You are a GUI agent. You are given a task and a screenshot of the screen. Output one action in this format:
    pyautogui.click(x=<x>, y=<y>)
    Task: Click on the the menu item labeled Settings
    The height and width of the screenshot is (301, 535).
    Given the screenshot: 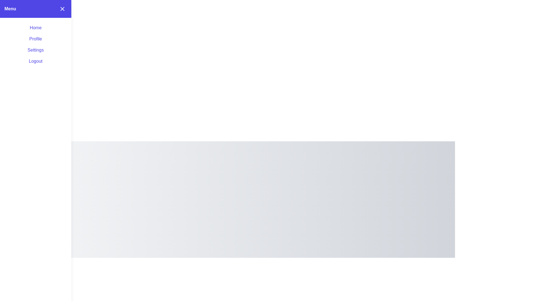 What is the action you would take?
    pyautogui.click(x=35, y=50)
    